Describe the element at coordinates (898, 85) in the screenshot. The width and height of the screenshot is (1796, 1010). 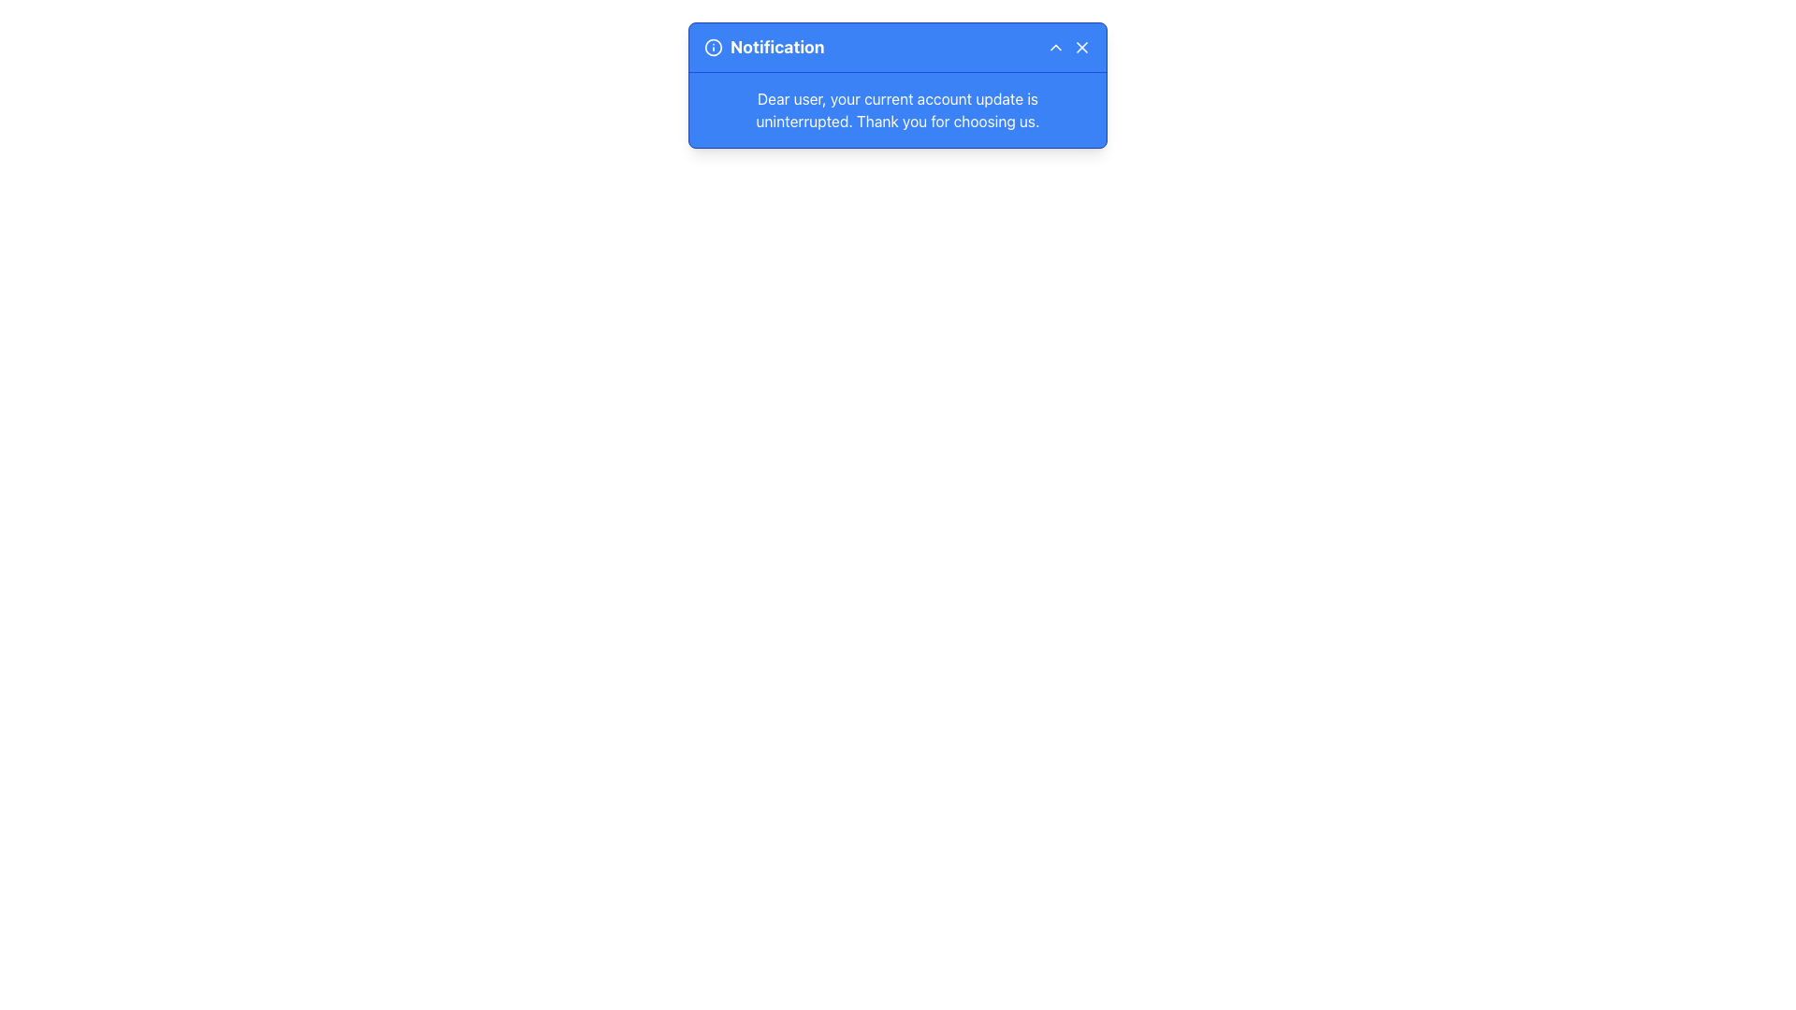
I see `the notification banner with a blue background and the title 'Notification' at the top, which includes information and close icons` at that location.